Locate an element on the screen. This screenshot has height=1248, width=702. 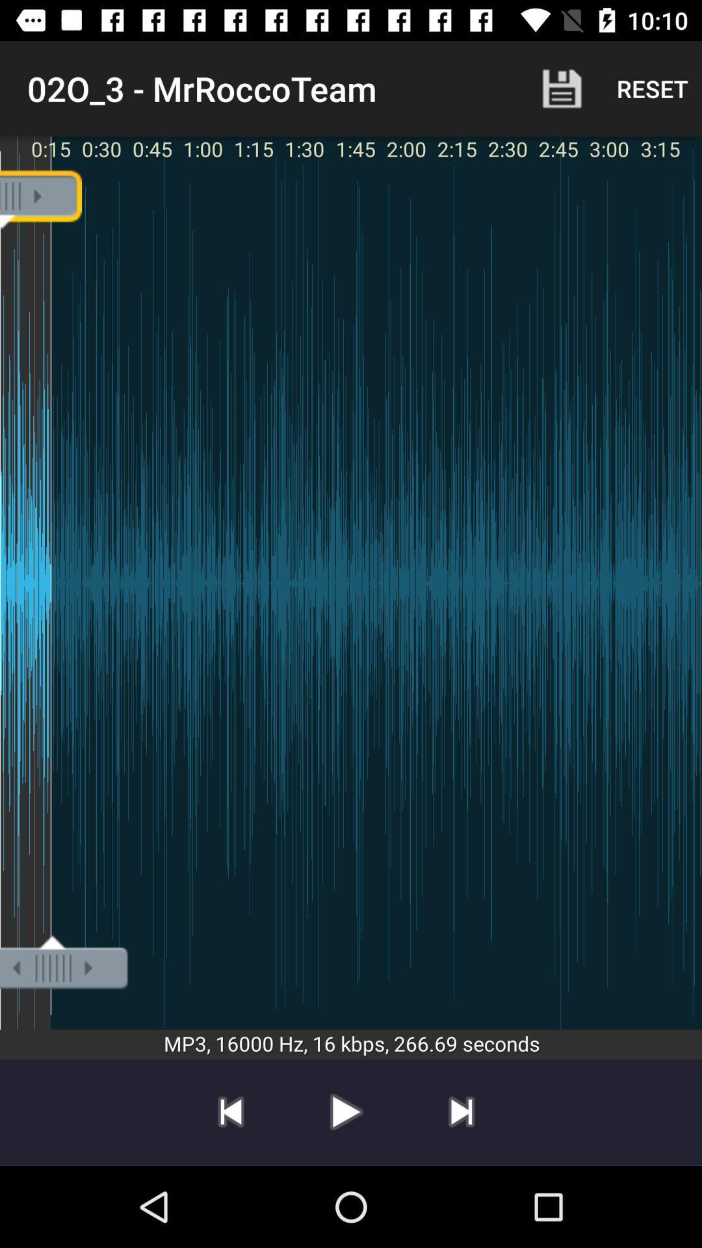
the skip_previous icon is located at coordinates (230, 1111).